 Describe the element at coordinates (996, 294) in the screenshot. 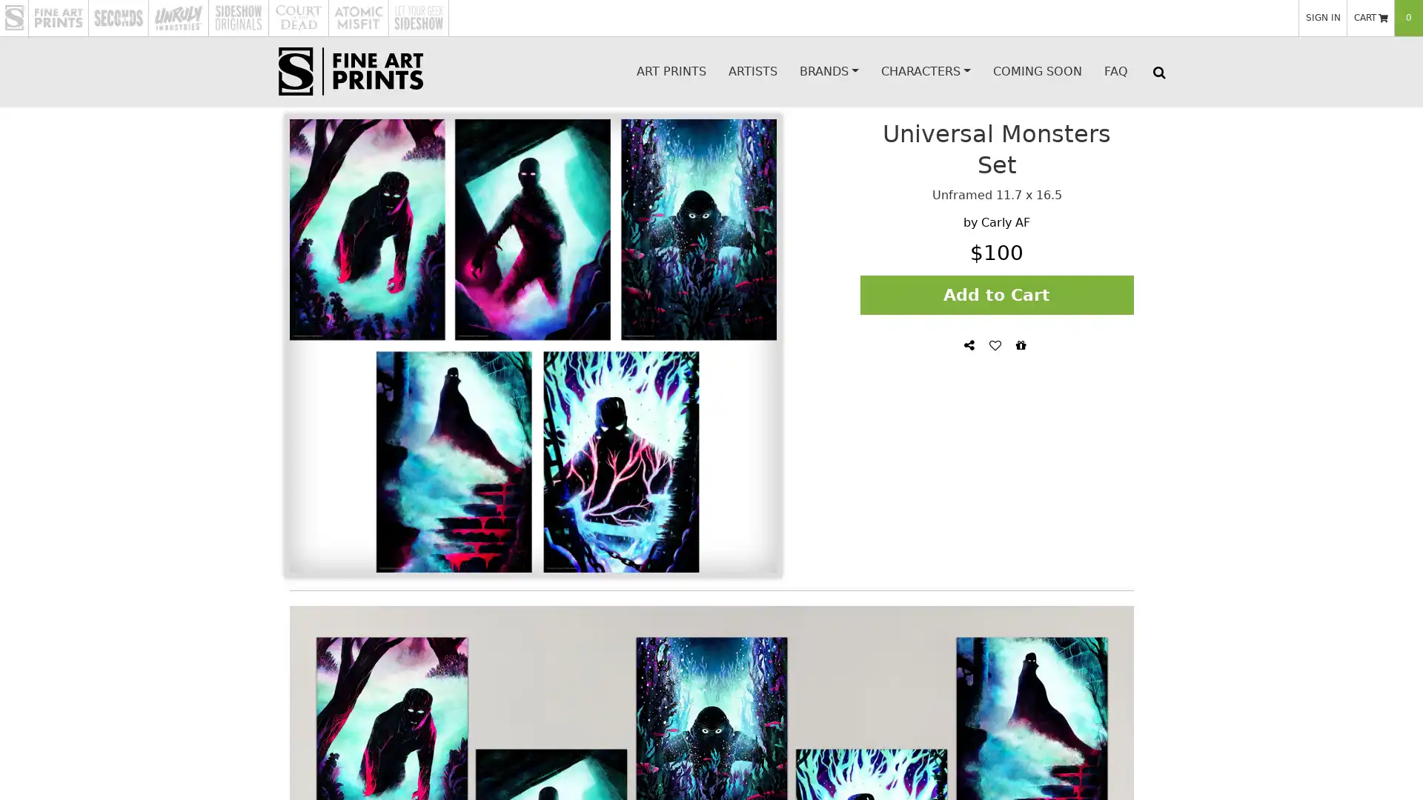

I see `Add to Cart` at that location.